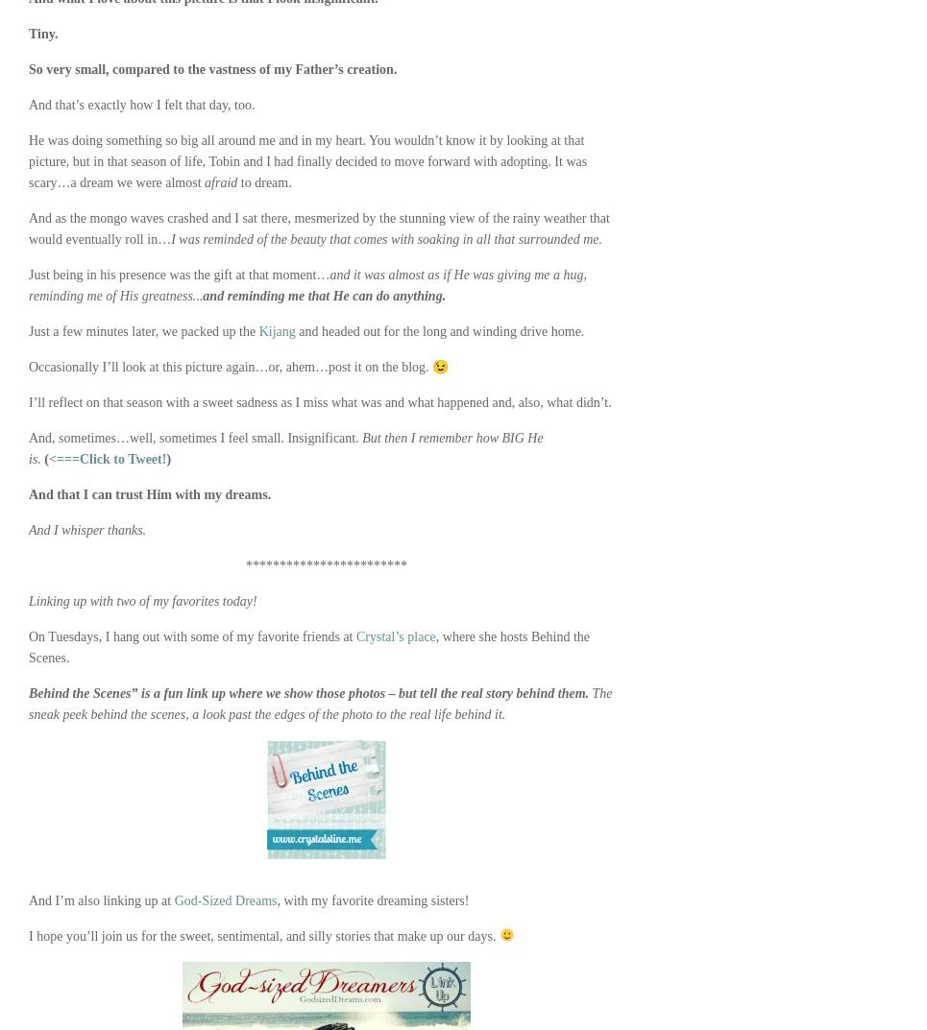  I want to click on 'I hope you’ll join us for the sweet, sentimental, and silly stories that make up our days.', so click(263, 935).